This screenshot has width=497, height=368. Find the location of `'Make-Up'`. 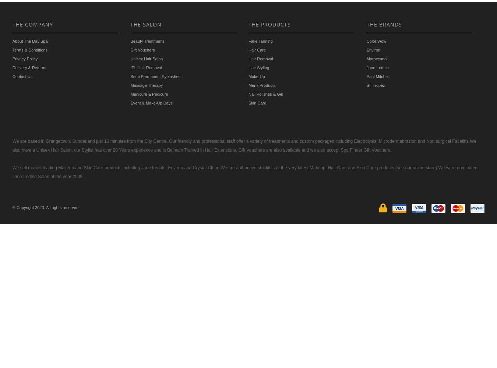

'Make-Up' is located at coordinates (256, 76).